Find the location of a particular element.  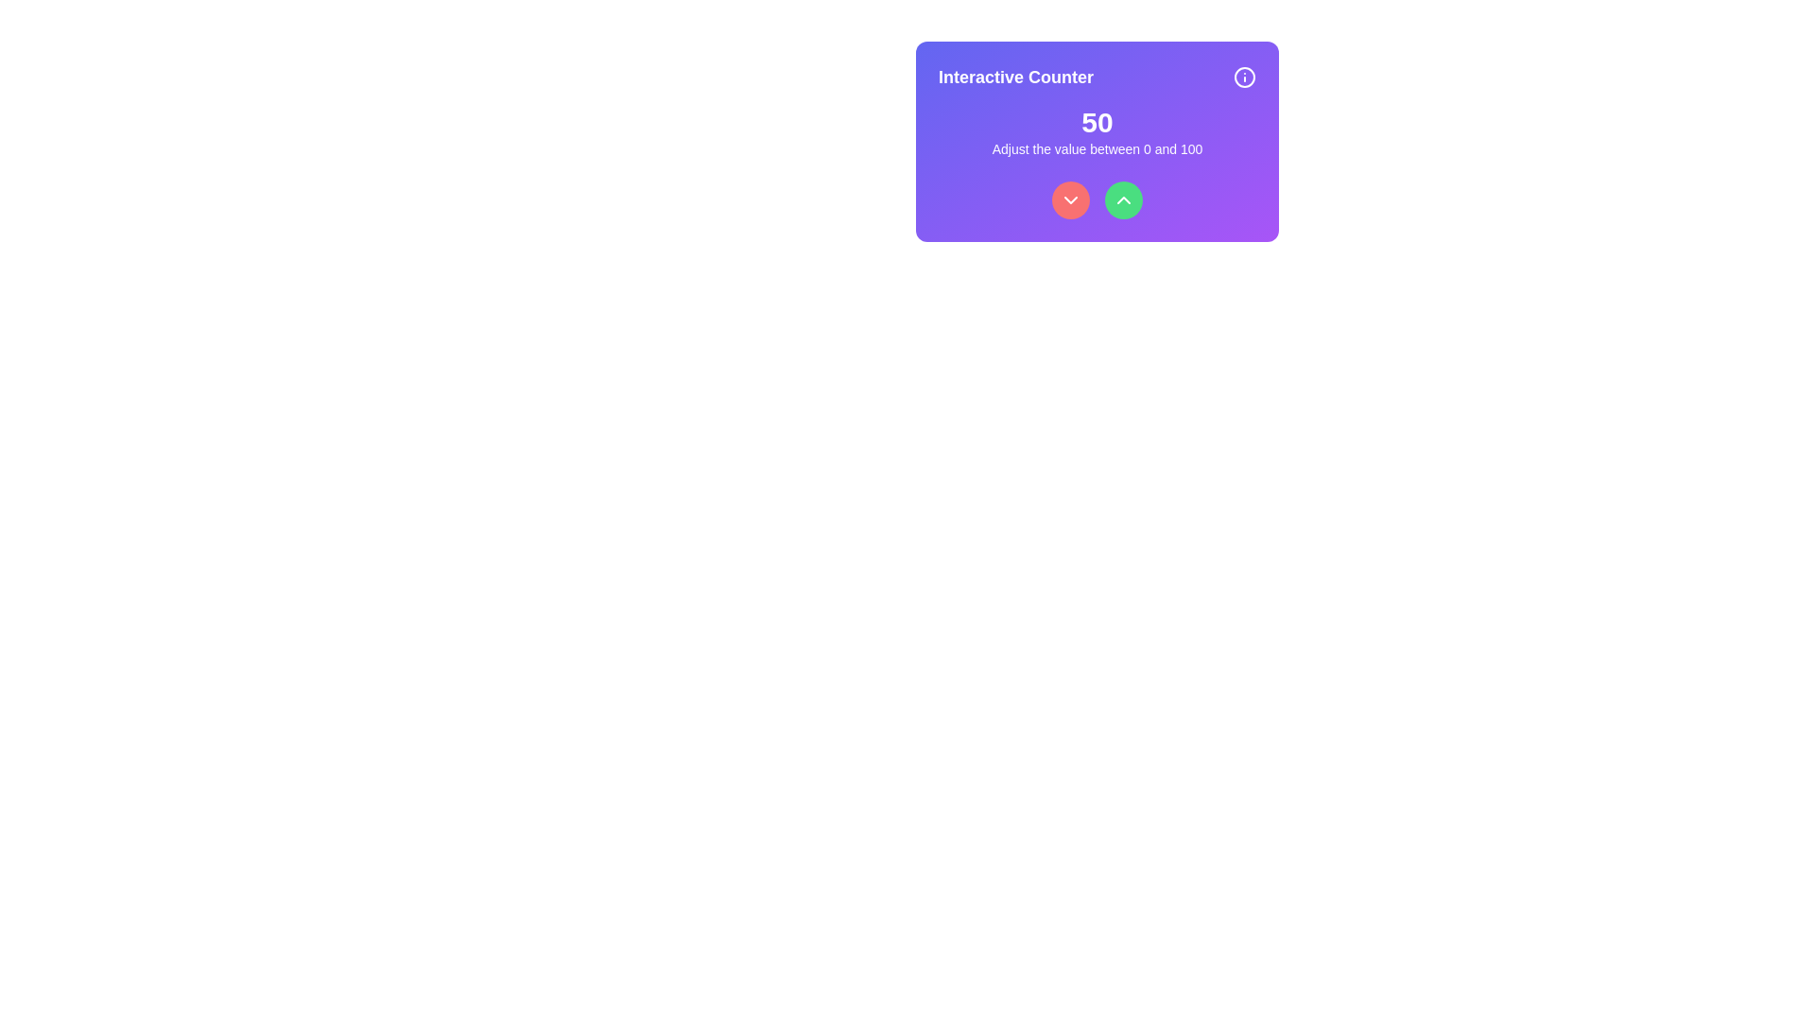

the circular icon with a central dot and an enclosing circle, located in the top-right corner of the 'Interactive Counter' interface is located at coordinates (1244, 76).